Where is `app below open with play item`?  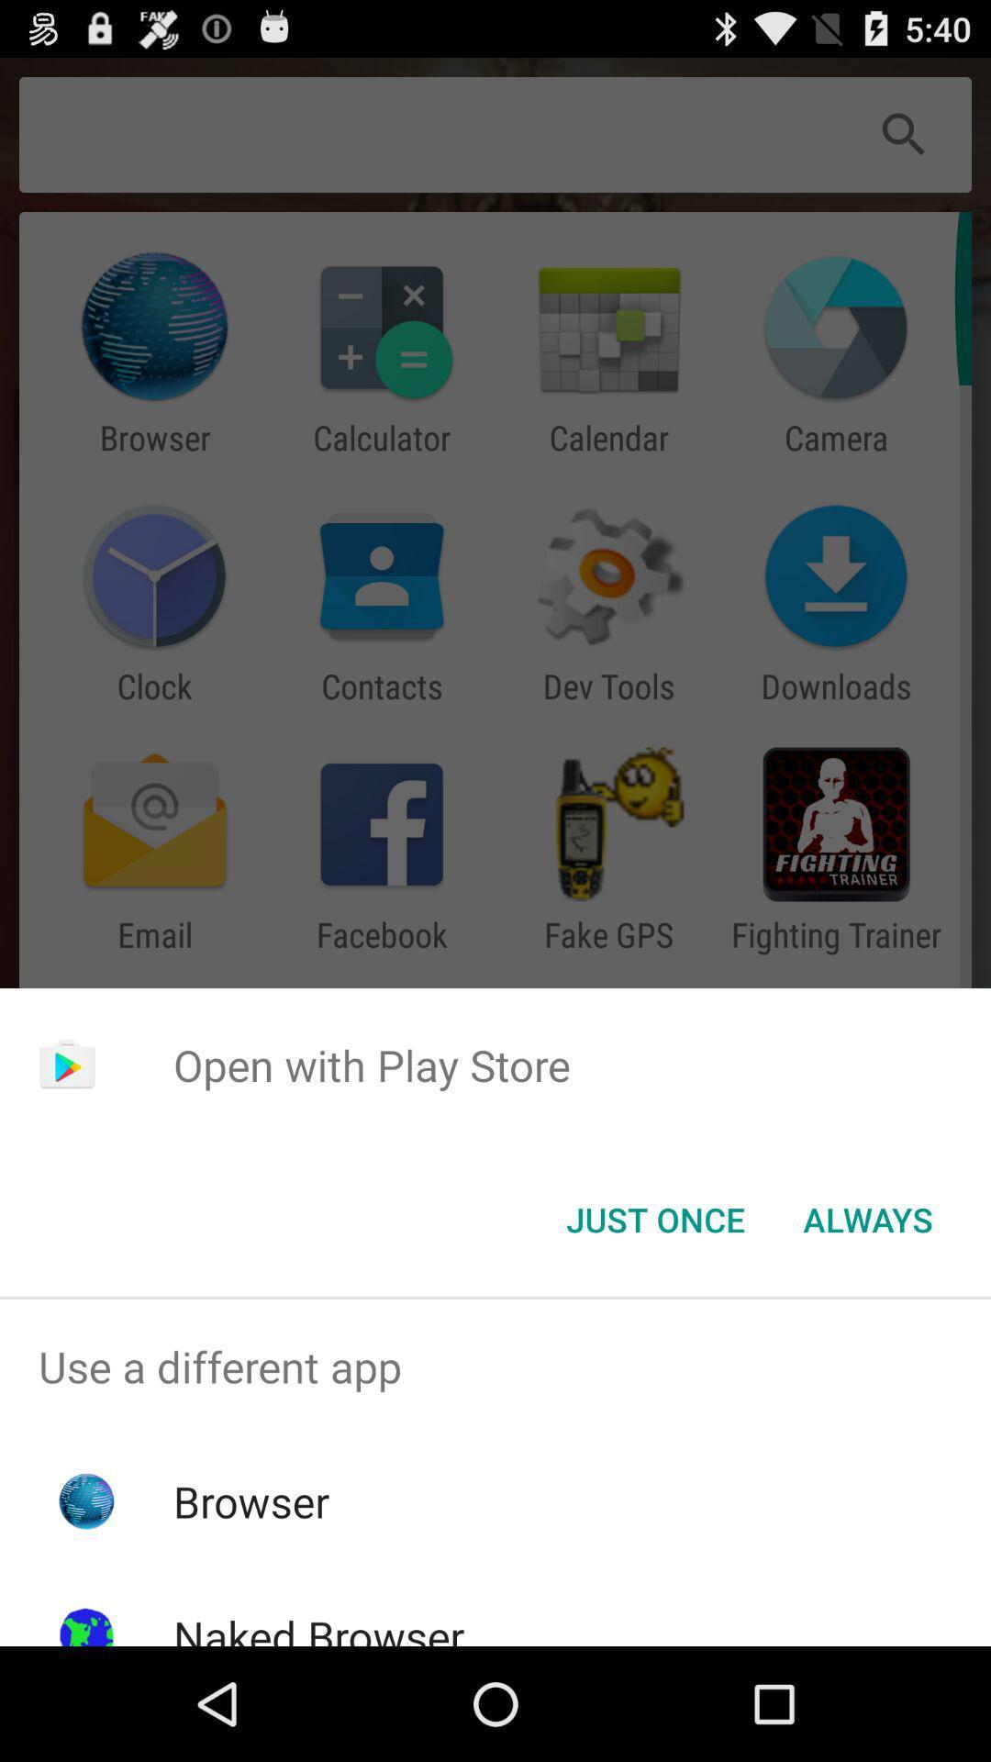
app below open with play item is located at coordinates (867, 1220).